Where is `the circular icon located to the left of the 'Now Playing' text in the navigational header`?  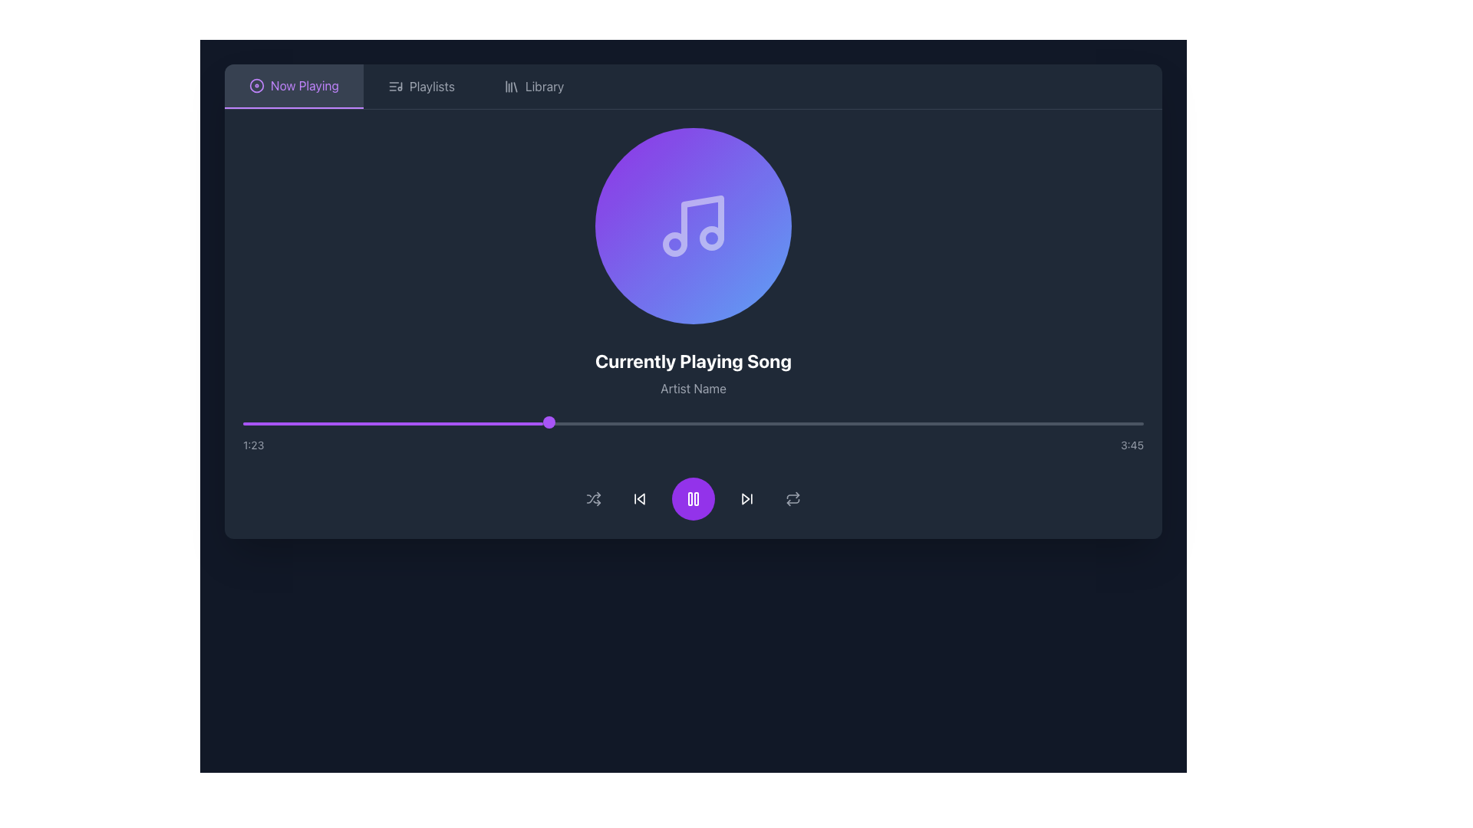 the circular icon located to the left of the 'Now Playing' text in the navigational header is located at coordinates (257, 85).